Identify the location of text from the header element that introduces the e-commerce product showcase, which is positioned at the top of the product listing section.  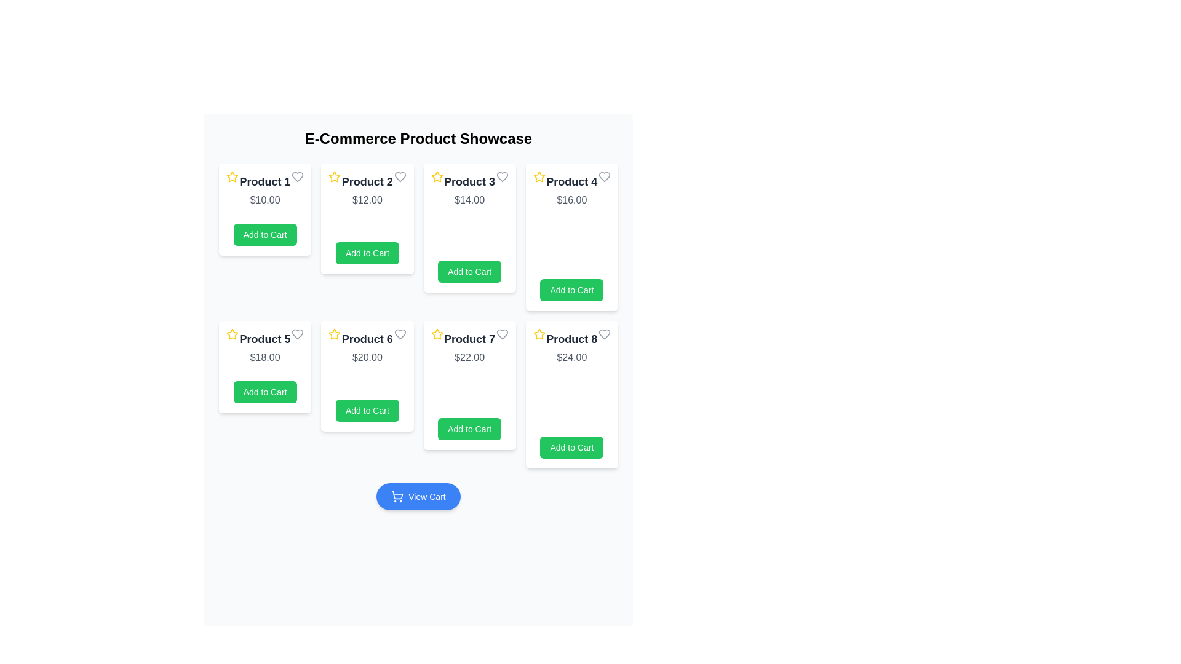
(418, 138).